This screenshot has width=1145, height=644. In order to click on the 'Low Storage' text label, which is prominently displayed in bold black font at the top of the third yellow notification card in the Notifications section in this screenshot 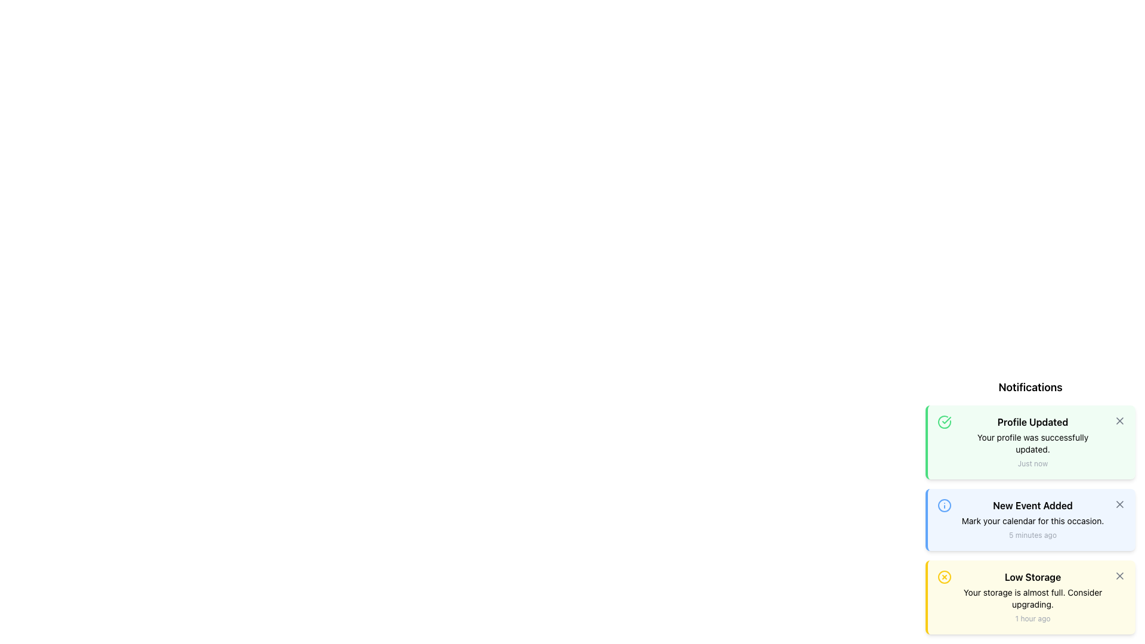, I will do `click(1032, 577)`.